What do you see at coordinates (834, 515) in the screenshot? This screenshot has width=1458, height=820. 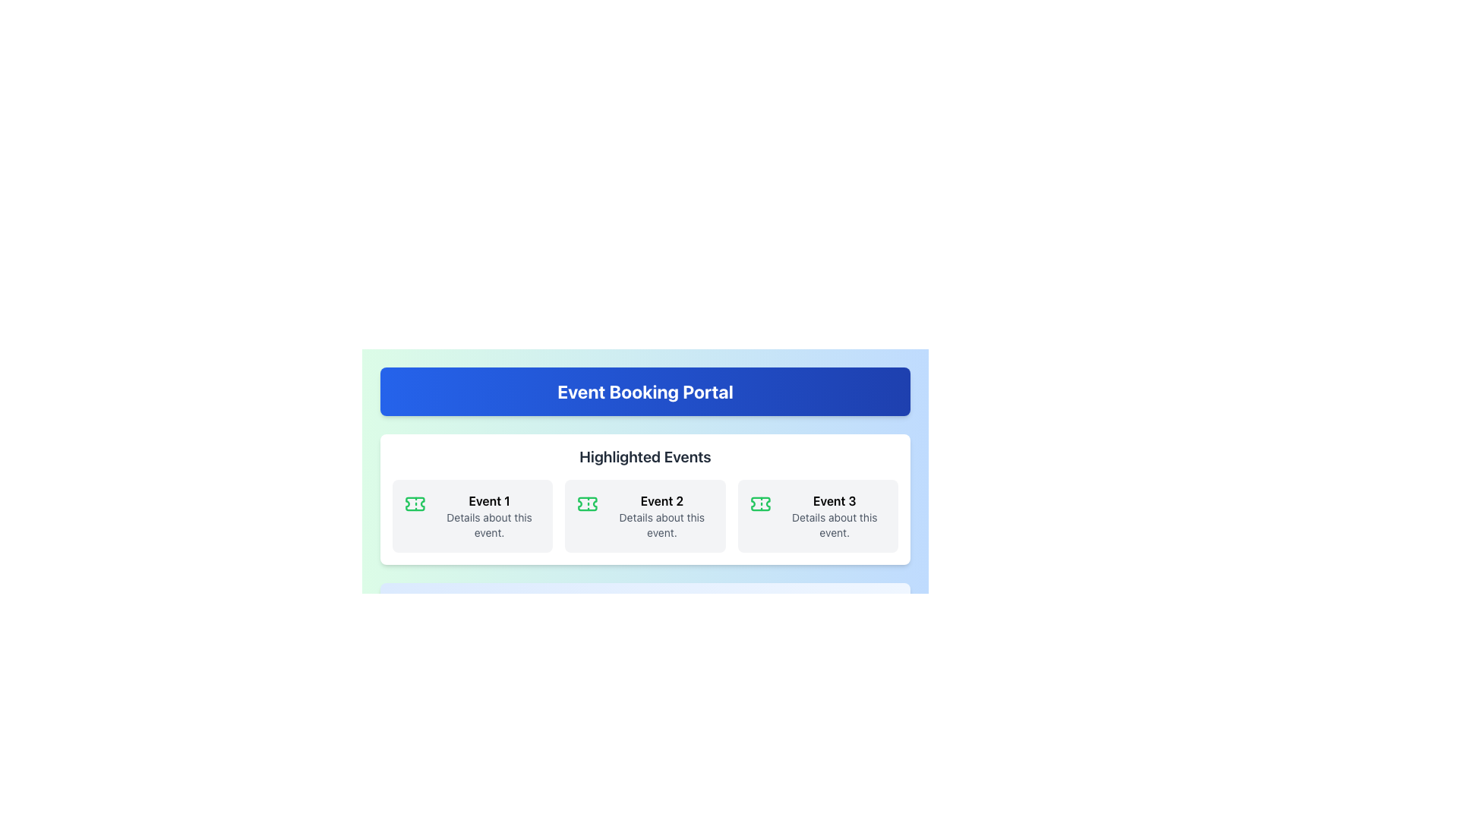 I see `details about the event displayed in the text block for 'Event 3', which is located in the third card of the 'Highlighted Events' section` at bounding box center [834, 515].